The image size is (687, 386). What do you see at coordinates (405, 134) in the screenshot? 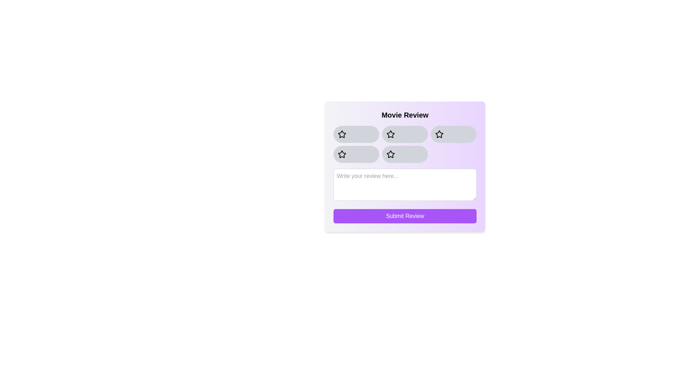
I see `the star button corresponding to the rating 2` at bounding box center [405, 134].